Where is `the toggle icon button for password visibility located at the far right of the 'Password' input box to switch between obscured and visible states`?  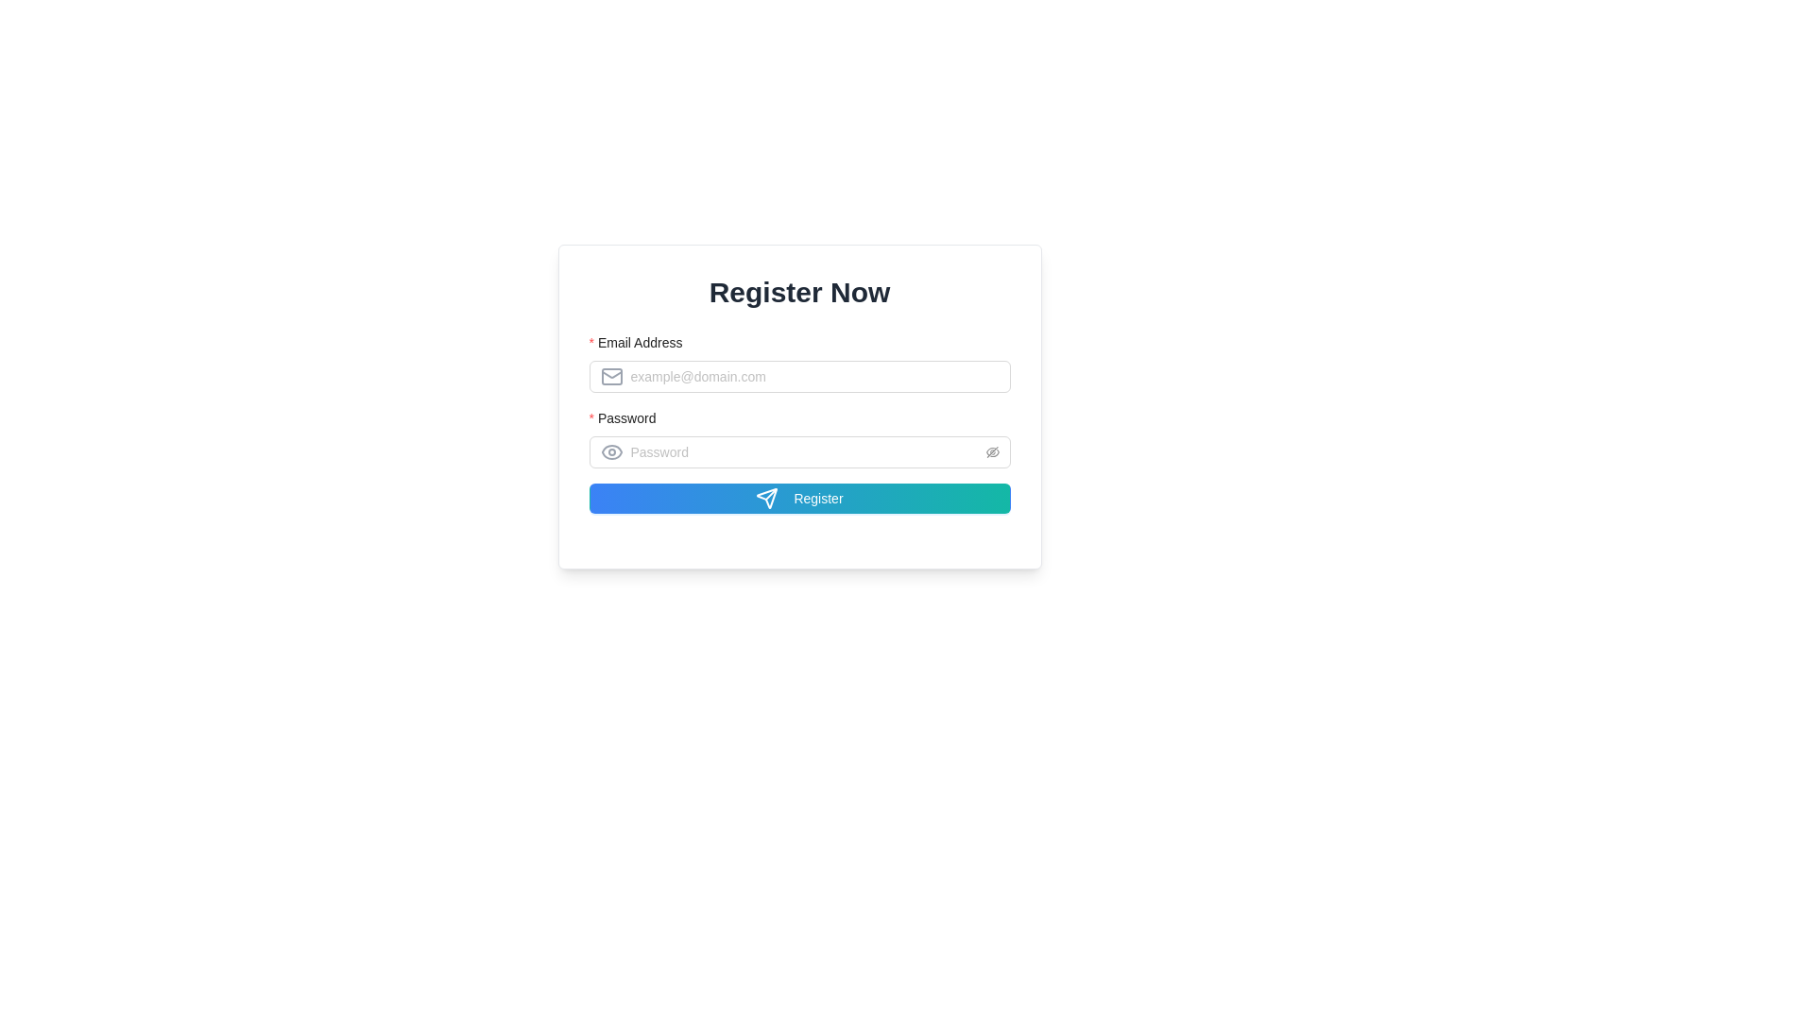 the toggle icon button for password visibility located at the far right of the 'Password' input box to switch between obscured and visible states is located at coordinates (991, 451).